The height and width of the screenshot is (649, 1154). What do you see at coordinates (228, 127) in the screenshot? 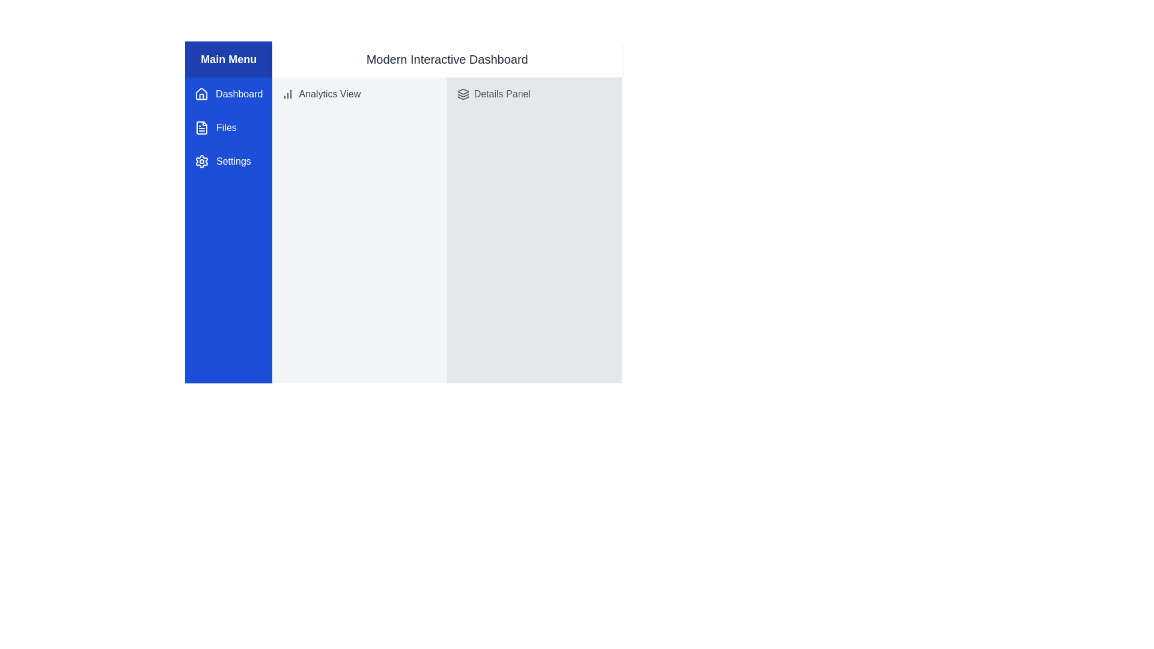
I see `the second menu item in the vertical list of the left sidebar under 'Main Menu'` at bounding box center [228, 127].